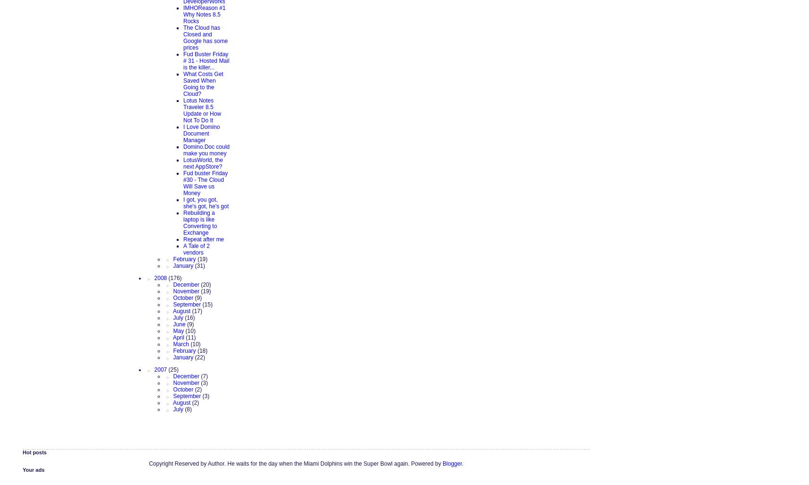 The height and width of the screenshot is (485, 809). What do you see at coordinates (179, 331) in the screenshot?
I see `'May'` at bounding box center [179, 331].